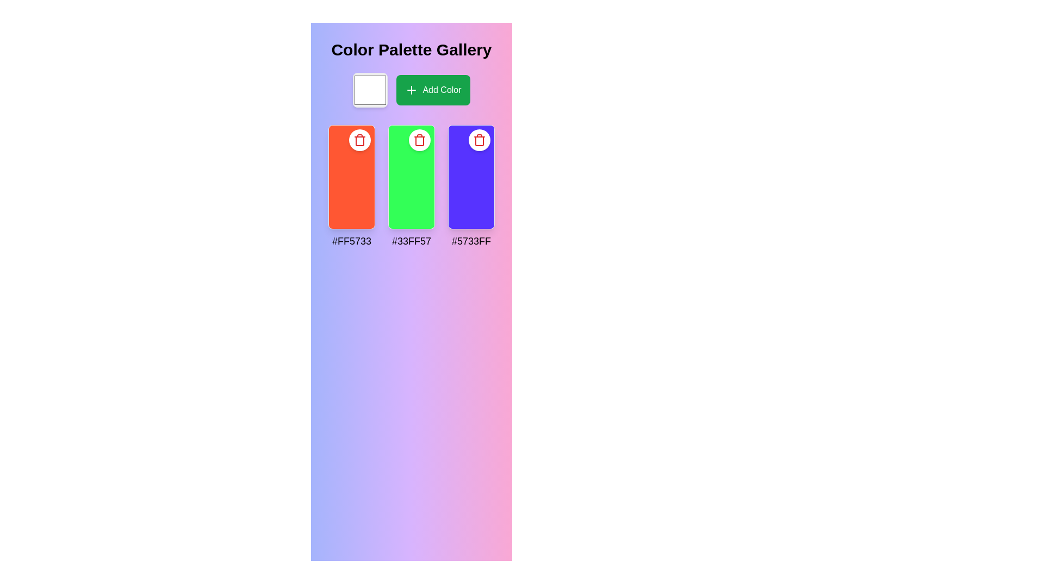 The image size is (1044, 587). What do you see at coordinates (352, 240) in the screenshot?
I see `text value displayed in the text label showing the hex code '#FF5733', located below the corresponding color rectangle in the first color card of the color palette component` at bounding box center [352, 240].